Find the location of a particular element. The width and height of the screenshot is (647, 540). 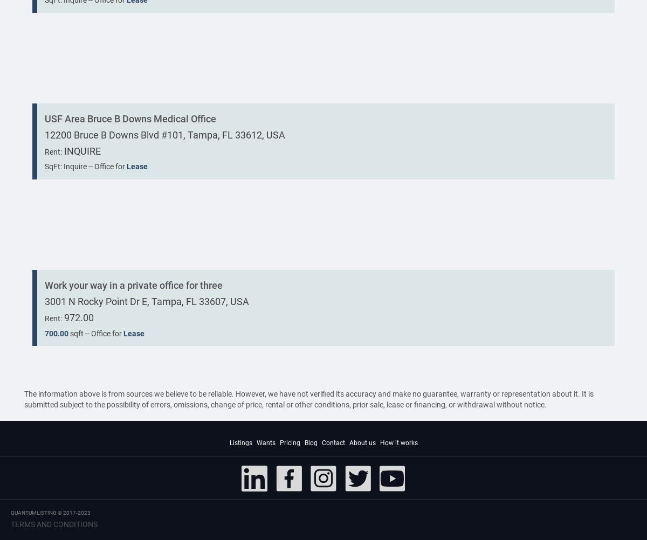

'About us' is located at coordinates (362, 442).